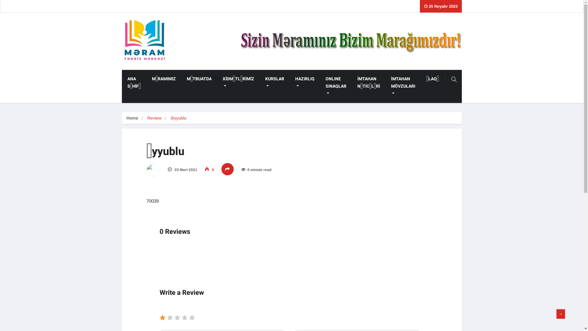 This screenshot has width=588, height=331. Describe the element at coordinates (560, 314) in the screenshot. I see `'Back to Top'` at that location.